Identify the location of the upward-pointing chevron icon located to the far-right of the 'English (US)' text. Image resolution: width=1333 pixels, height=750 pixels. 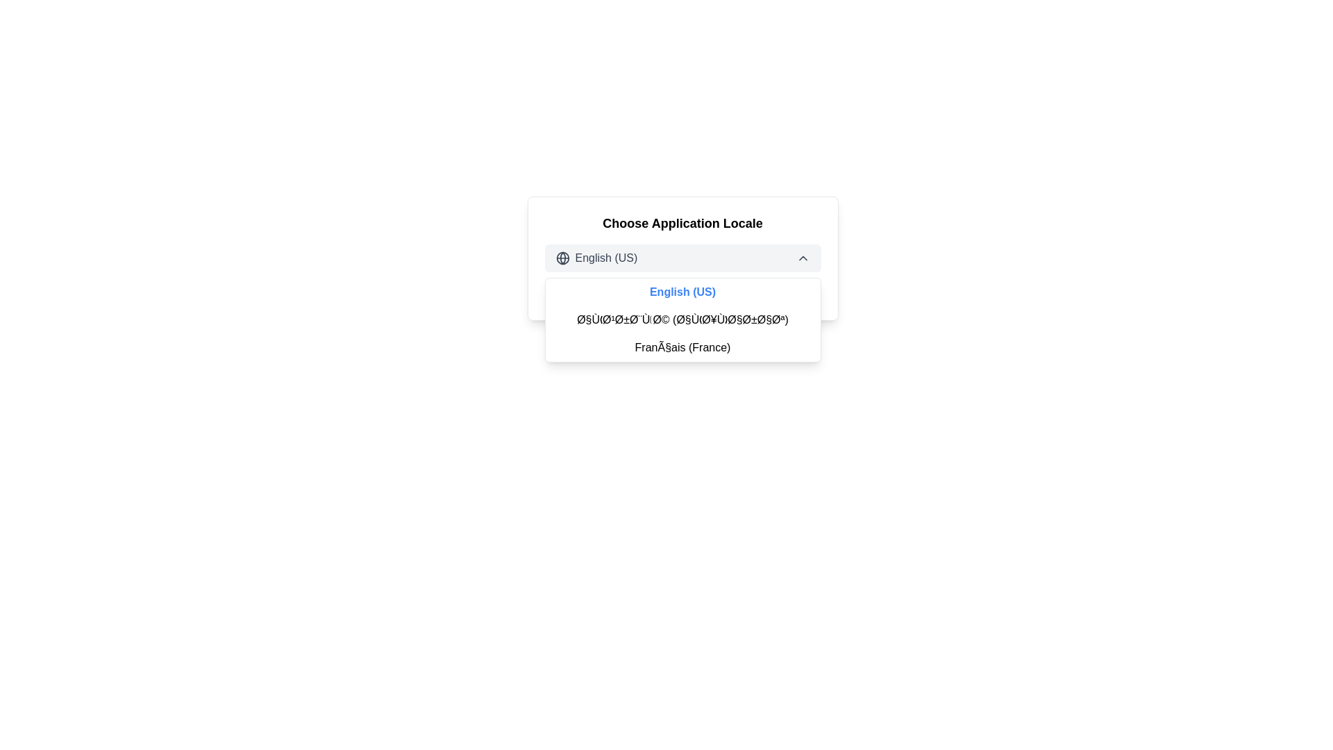
(803, 258).